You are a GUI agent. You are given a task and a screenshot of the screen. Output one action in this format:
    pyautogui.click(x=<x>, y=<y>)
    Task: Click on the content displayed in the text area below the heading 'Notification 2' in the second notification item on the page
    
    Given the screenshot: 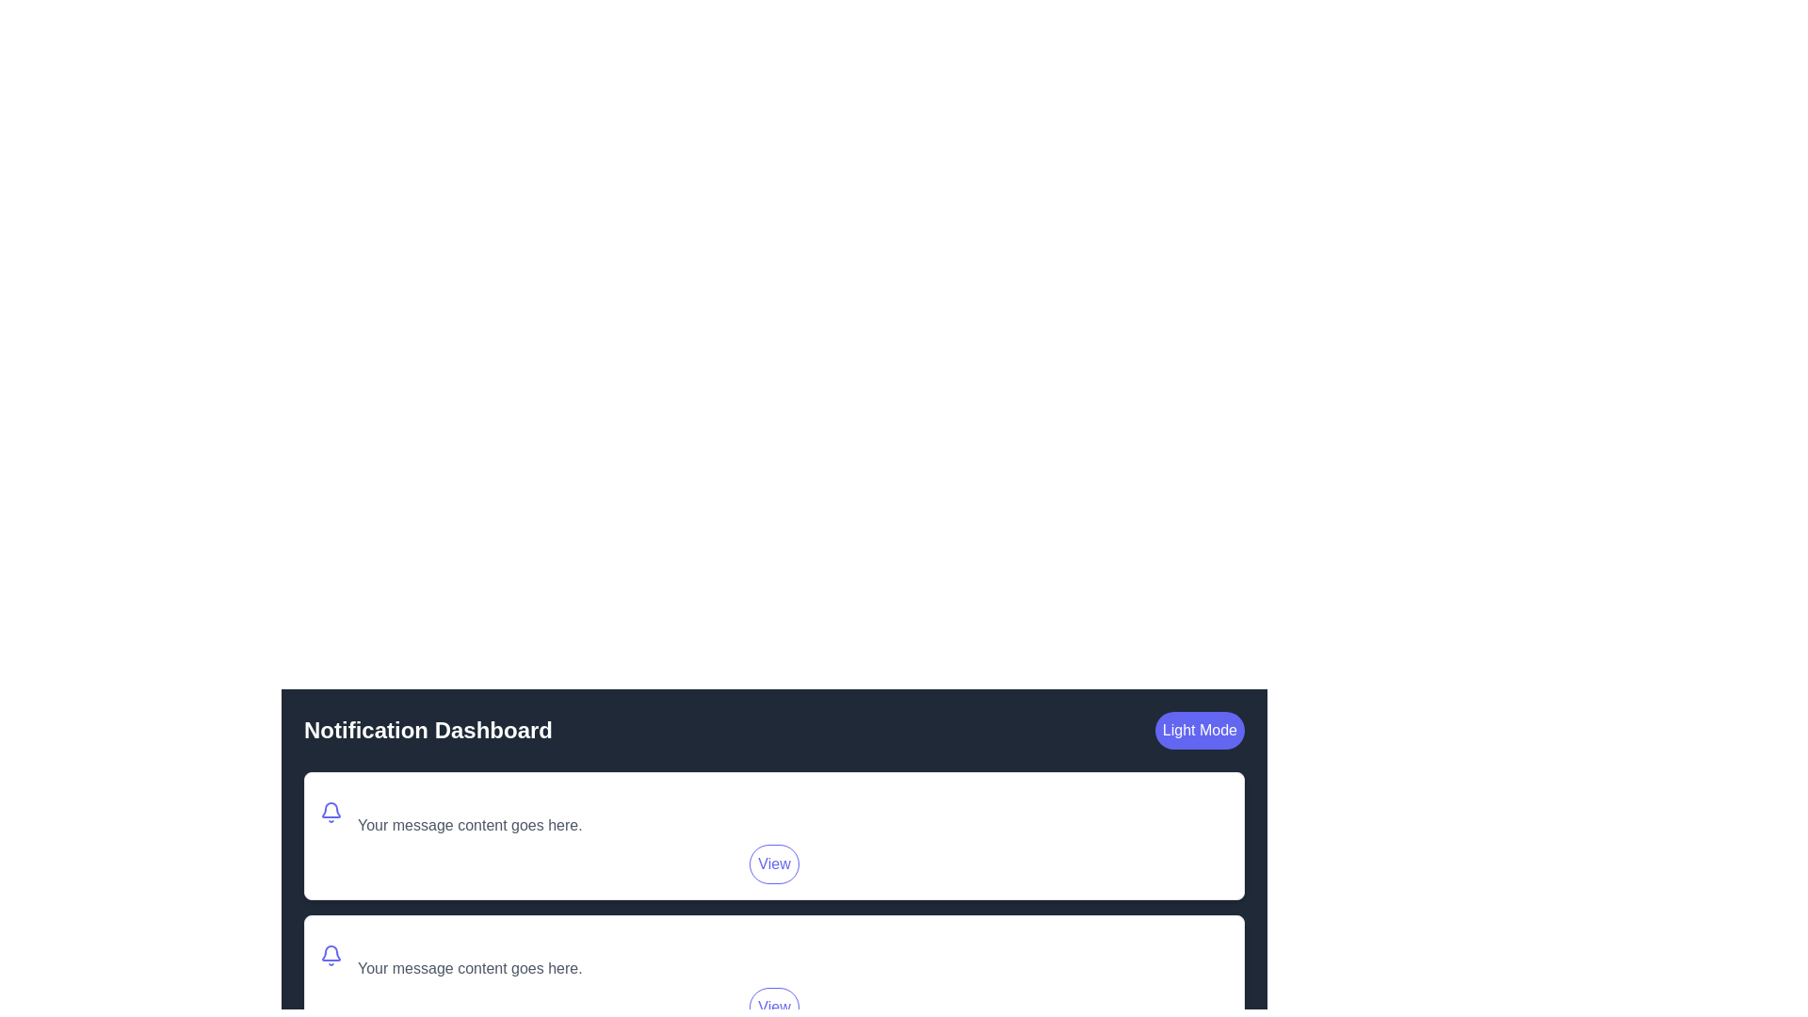 What is the action you would take?
    pyautogui.click(x=470, y=955)
    